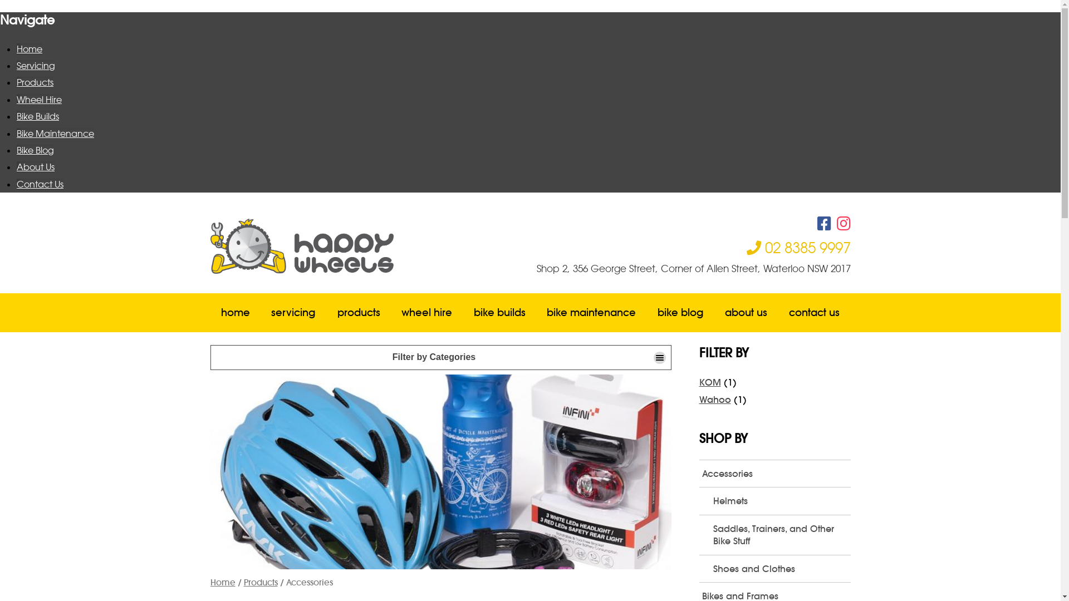 This screenshot has height=601, width=1069. Describe the element at coordinates (779, 569) in the screenshot. I see `'Shoes and Clothes'` at that location.